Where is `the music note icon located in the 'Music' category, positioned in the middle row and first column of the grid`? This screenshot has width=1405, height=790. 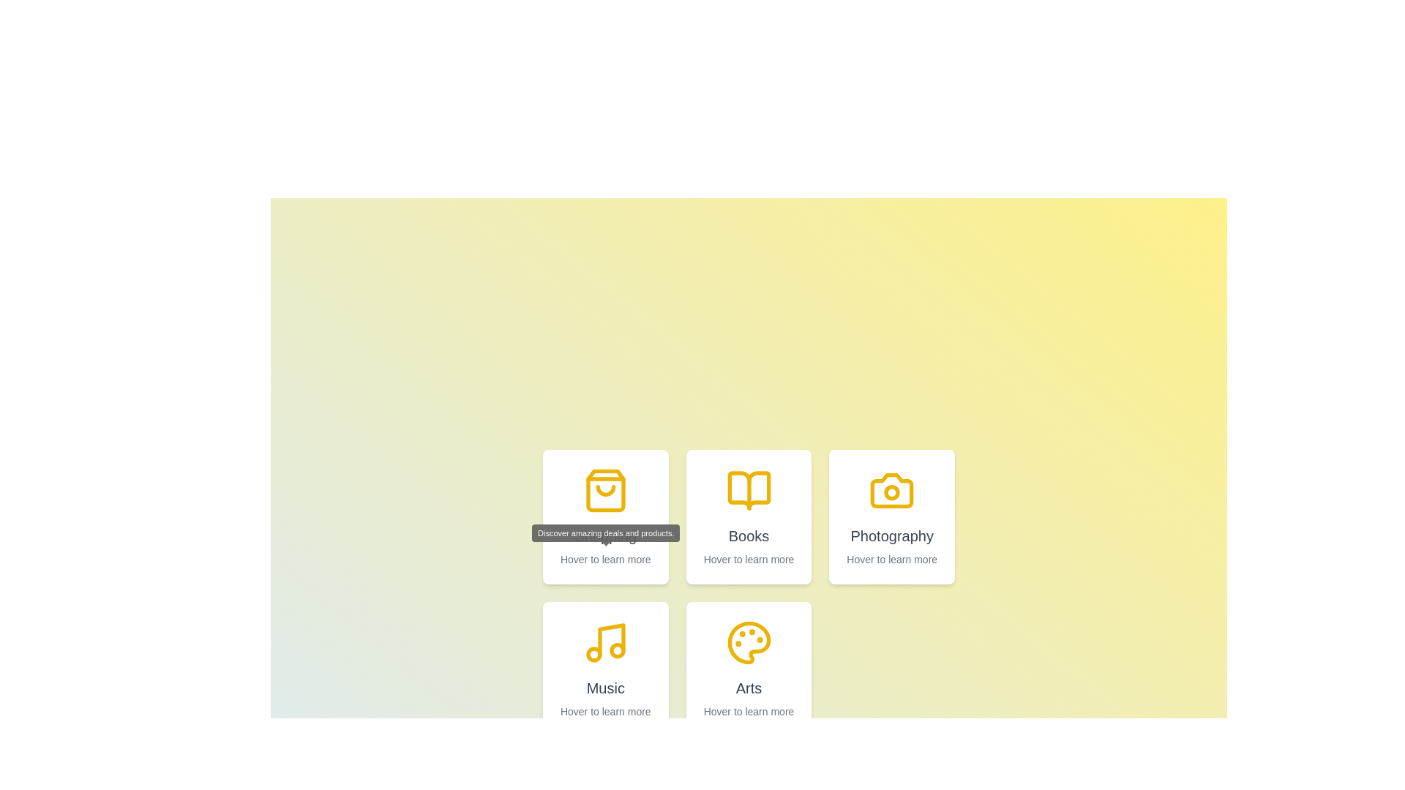
the music note icon located in the 'Music' category, positioned in the middle row and first column of the grid is located at coordinates (605, 642).